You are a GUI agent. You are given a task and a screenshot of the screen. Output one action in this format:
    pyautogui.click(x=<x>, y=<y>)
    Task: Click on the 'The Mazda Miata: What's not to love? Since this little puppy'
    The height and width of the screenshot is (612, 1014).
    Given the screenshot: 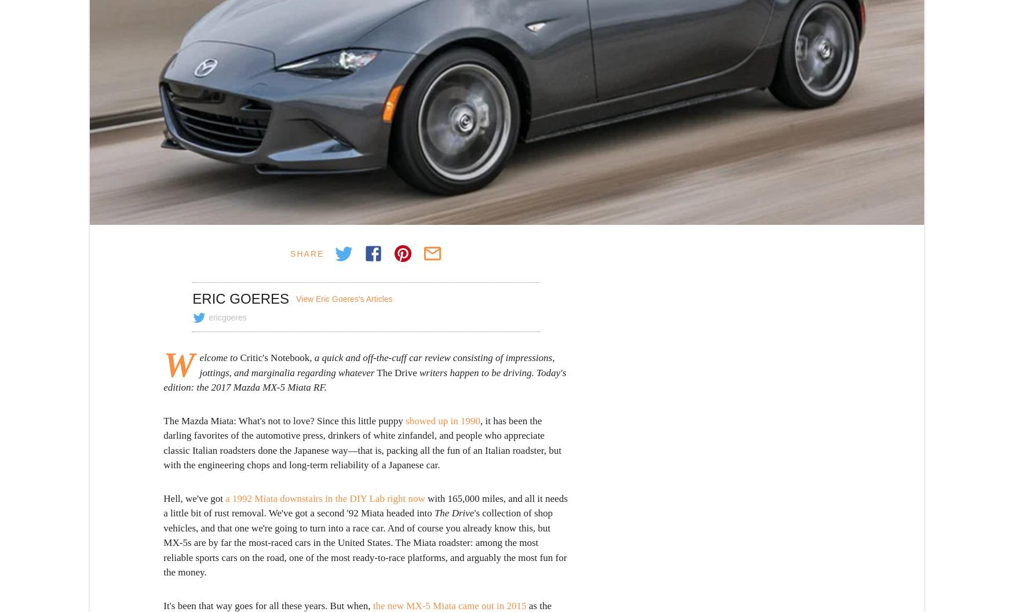 What is the action you would take?
    pyautogui.click(x=284, y=420)
    